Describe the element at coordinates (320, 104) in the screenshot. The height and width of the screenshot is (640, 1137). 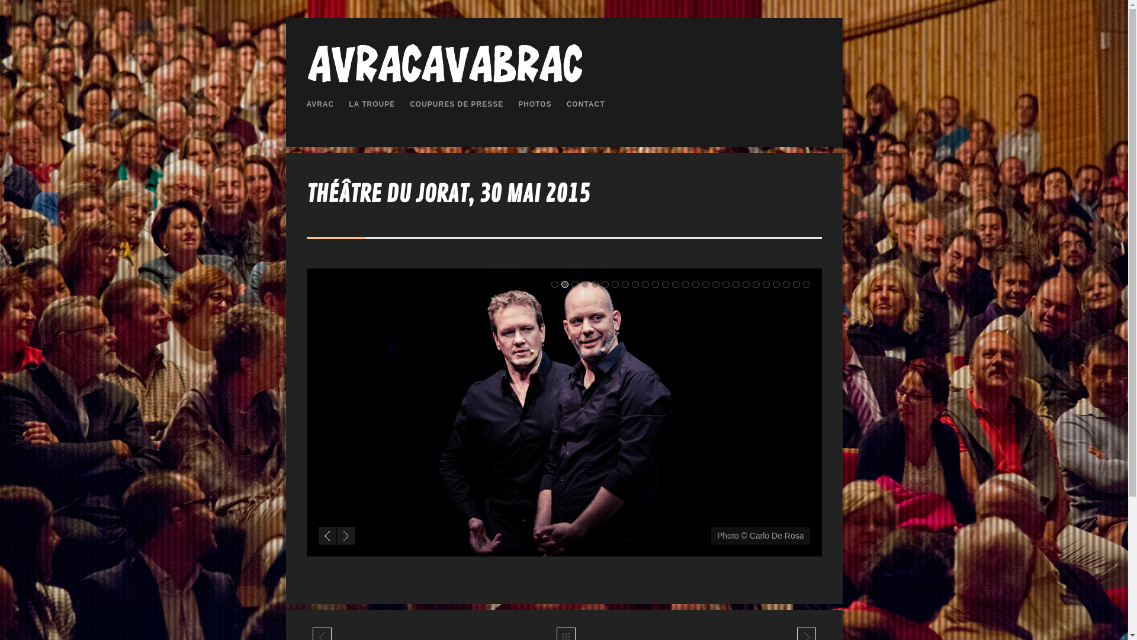
I see `'AVRAC'` at that location.